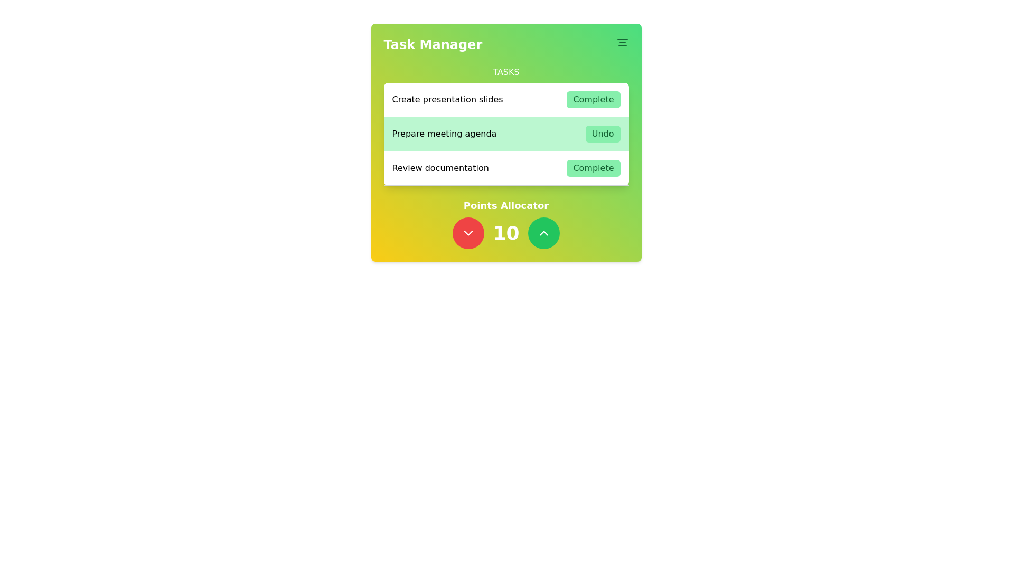 Image resolution: width=1014 pixels, height=570 pixels. Describe the element at coordinates (444, 134) in the screenshot. I see `the text label reading 'Prepare meeting agenda', which is displayed in bold black font on a light green background, located under the main heading 'Tasks' and aligned with the 'Undo' button` at that location.